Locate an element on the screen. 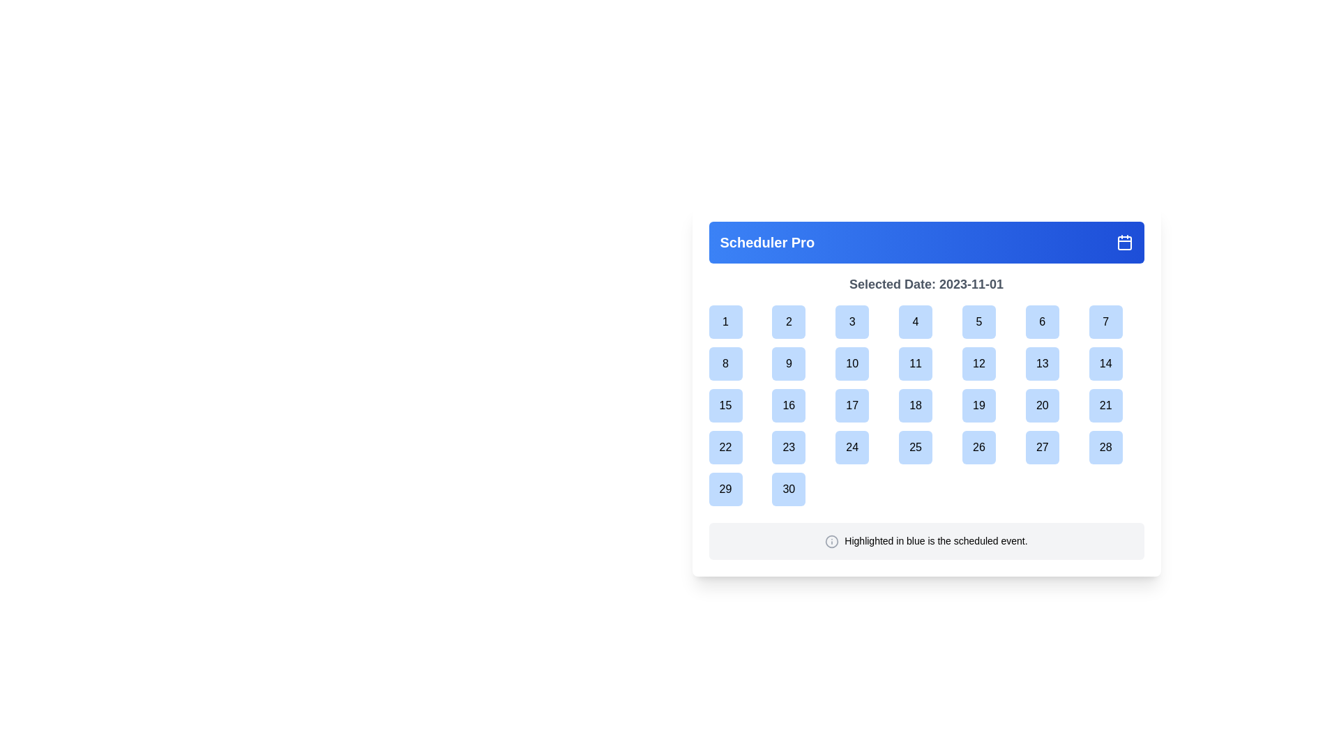 This screenshot has height=753, width=1339. the button representing the date 30 is located at coordinates (789, 489).